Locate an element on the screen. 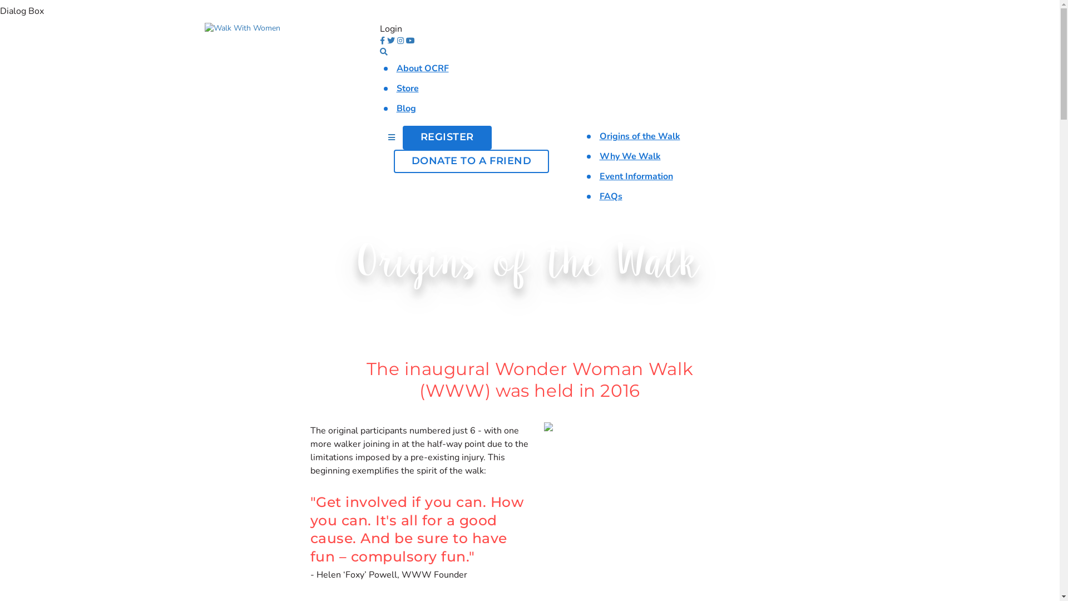 This screenshot has width=1068, height=601. 'Origins of the Walk' is located at coordinates (640, 136).